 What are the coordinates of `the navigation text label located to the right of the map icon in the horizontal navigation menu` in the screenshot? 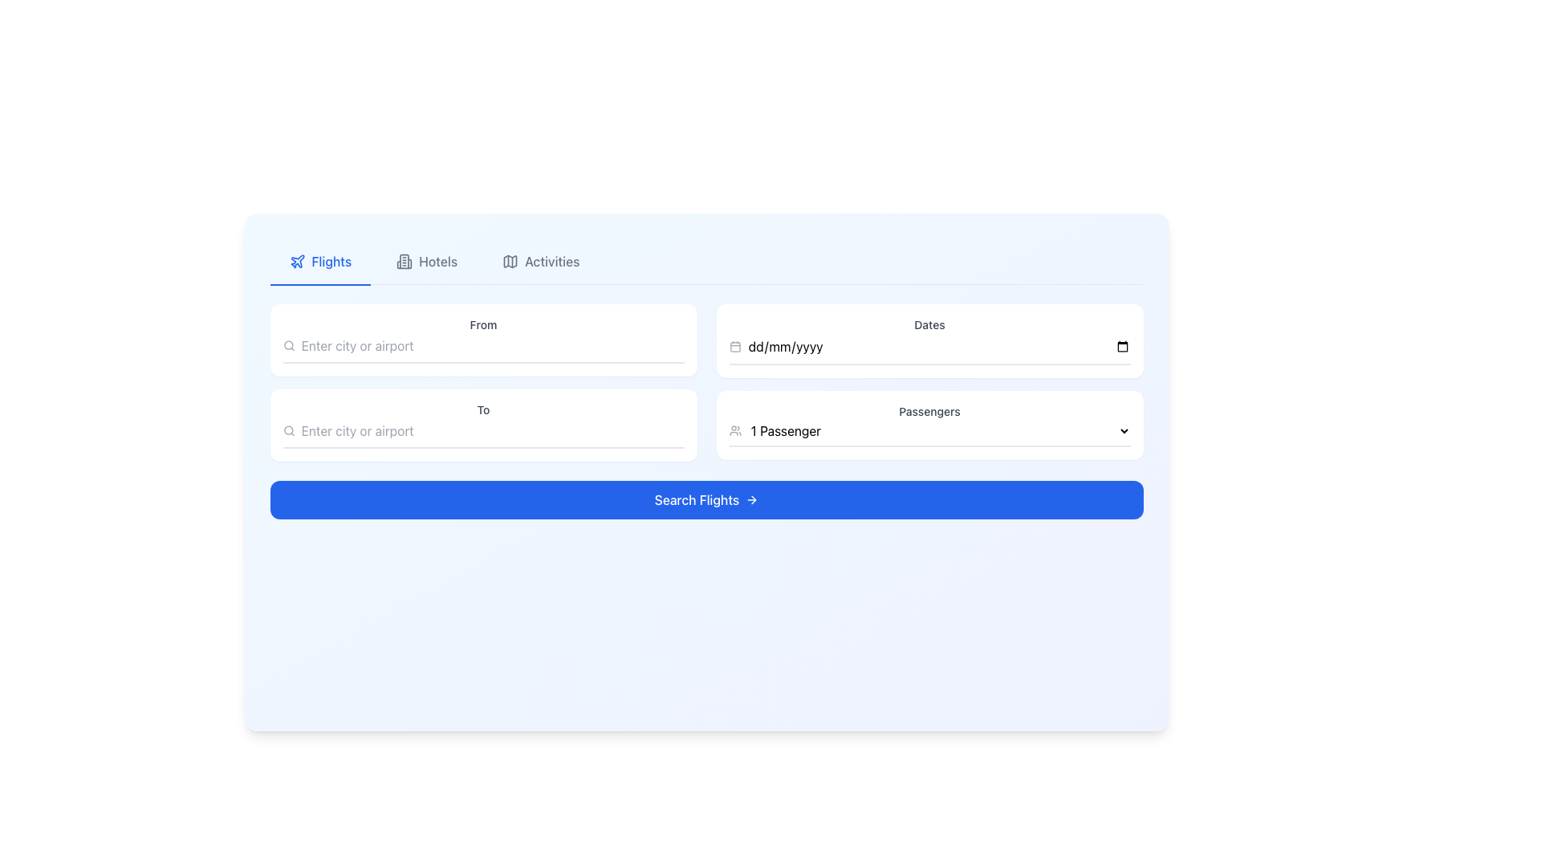 It's located at (551, 261).